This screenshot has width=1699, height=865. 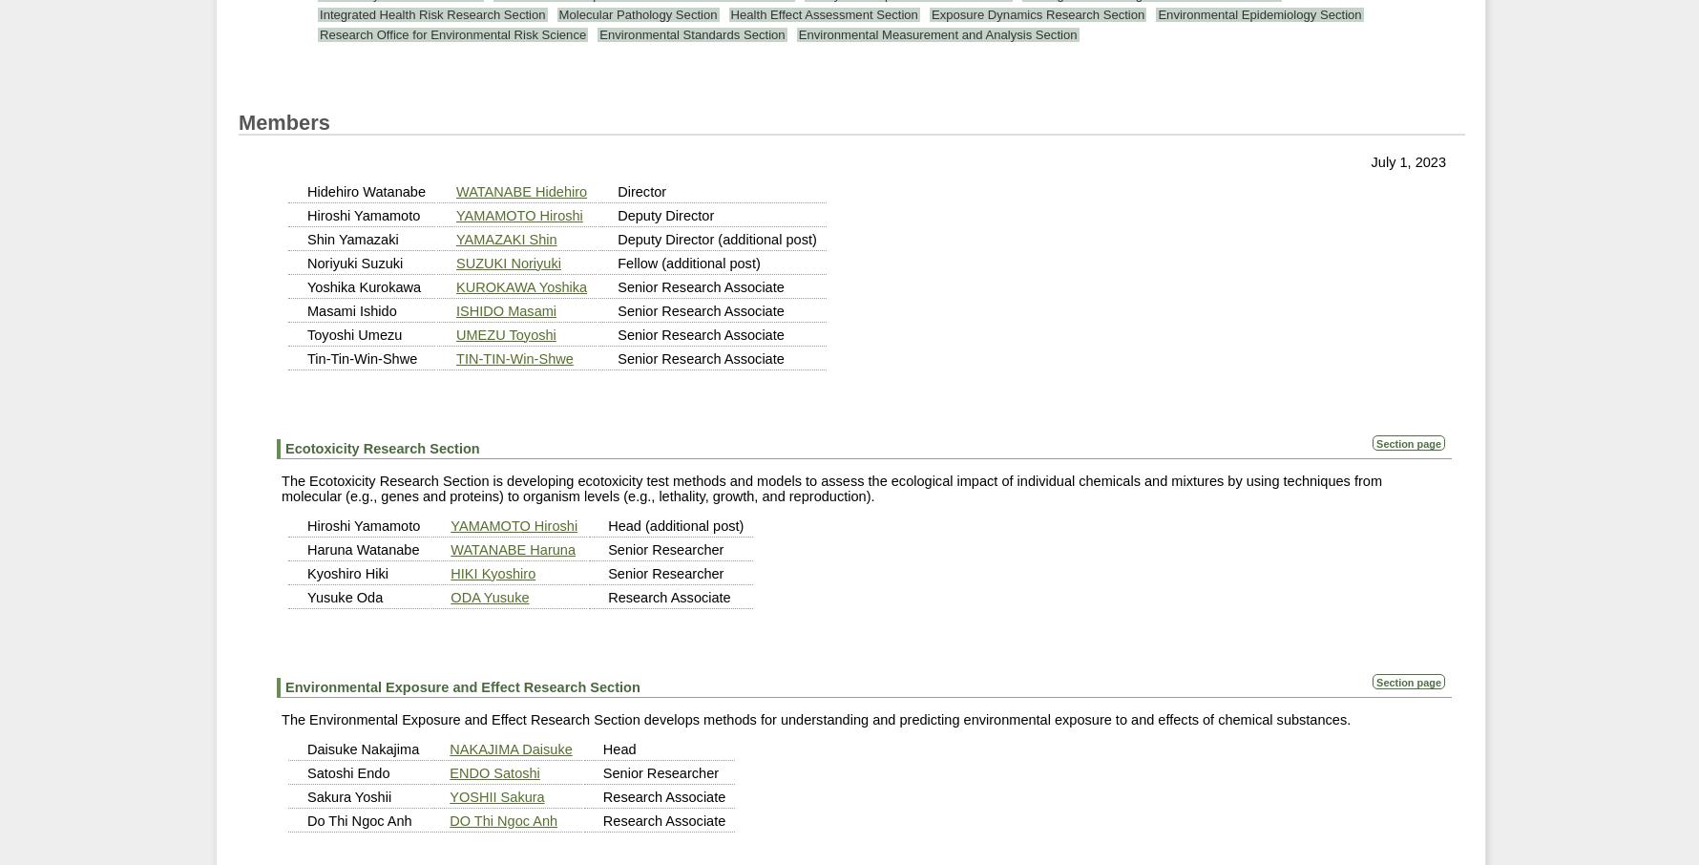 I want to click on 'Daisuke Nakajima', so click(x=362, y=748).